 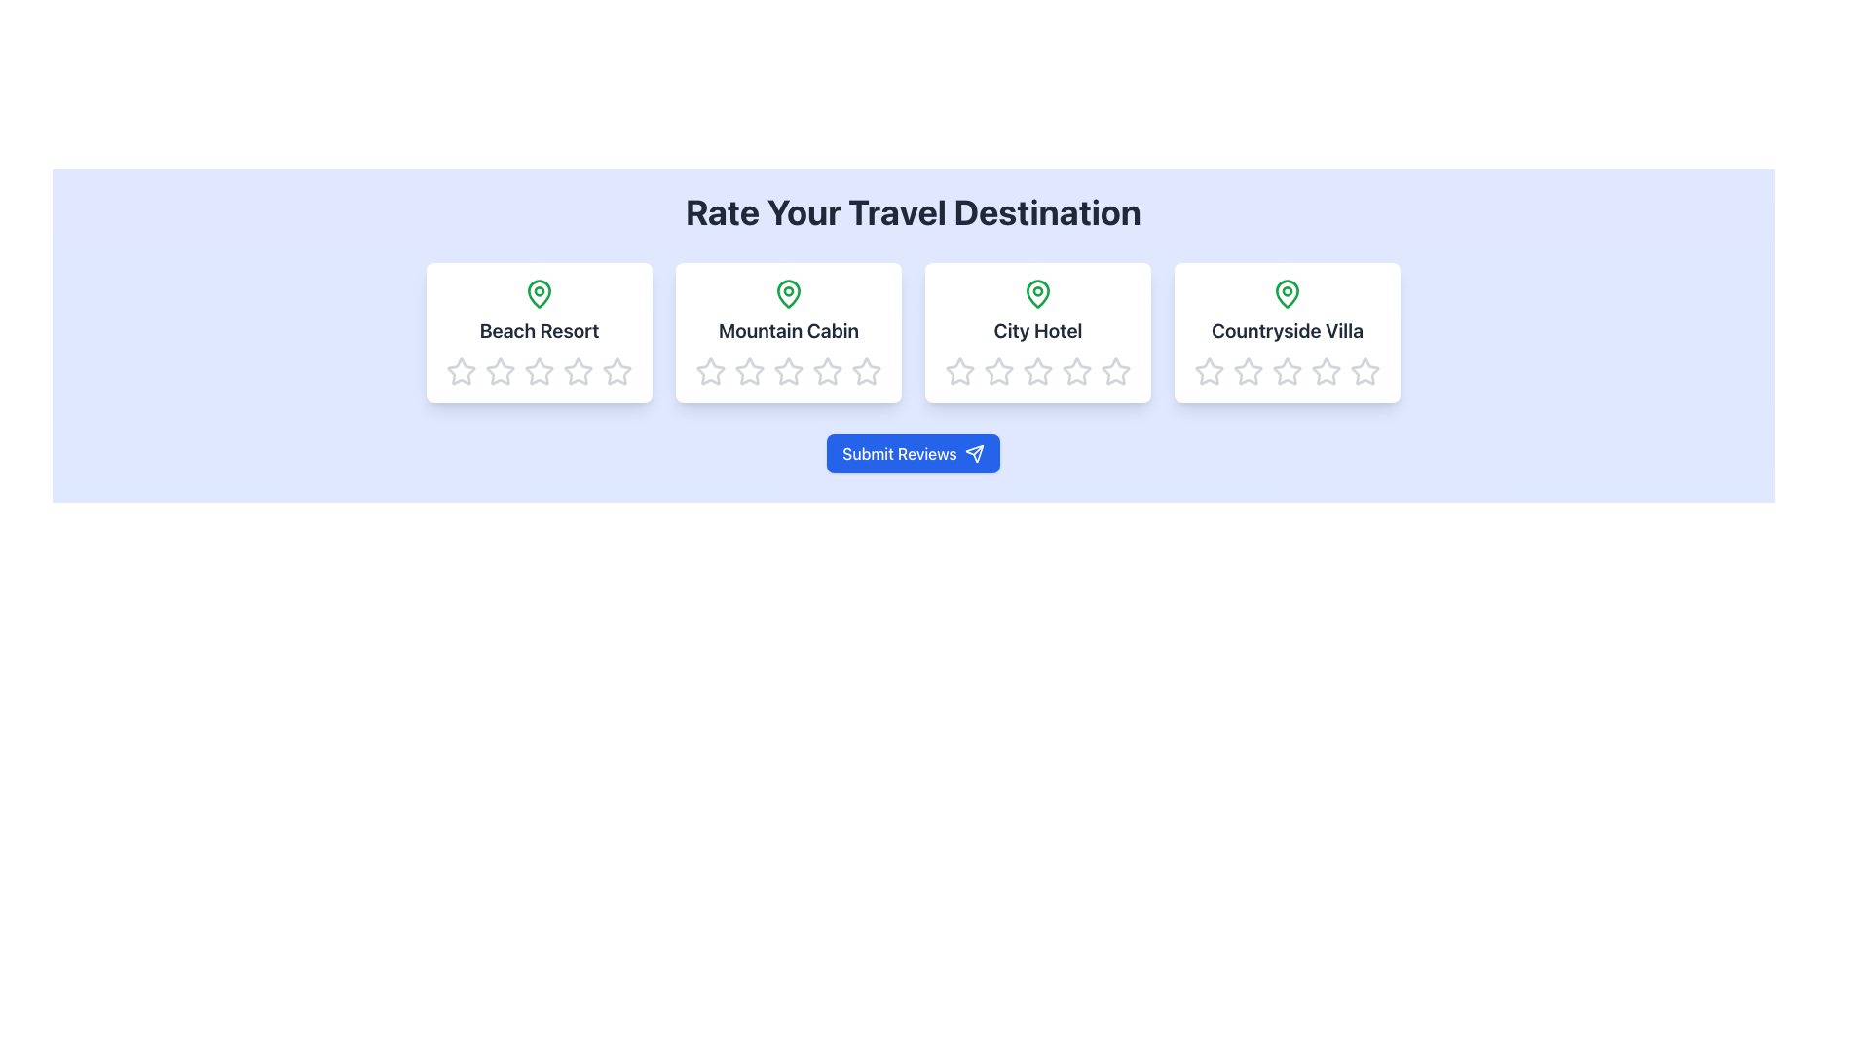 What do you see at coordinates (1326, 371) in the screenshot?
I see `the fourth star-shaped rating icon for the 'Countryside Villa' section` at bounding box center [1326, 371].